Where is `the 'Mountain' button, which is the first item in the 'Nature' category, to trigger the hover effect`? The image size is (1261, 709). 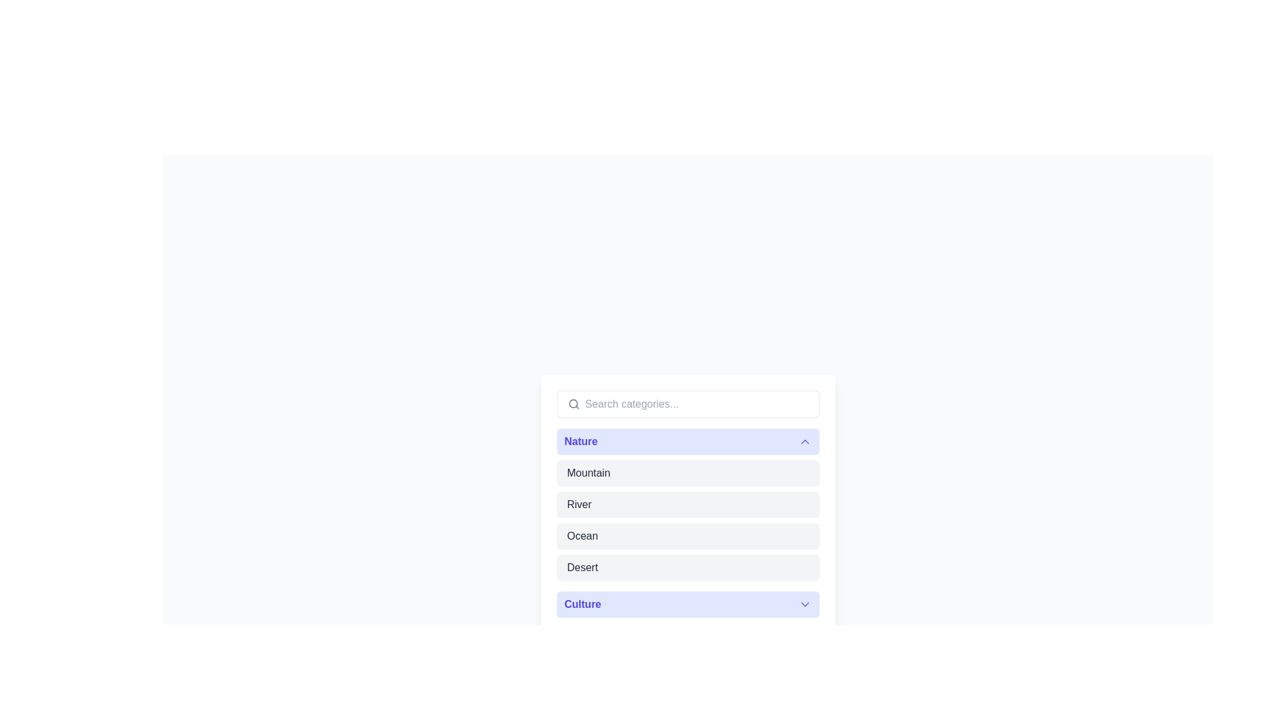 the 'Mountain' button, which is the first item in the 'Nature' category, to trigger the hover effect is located at coordinates (687, 473).